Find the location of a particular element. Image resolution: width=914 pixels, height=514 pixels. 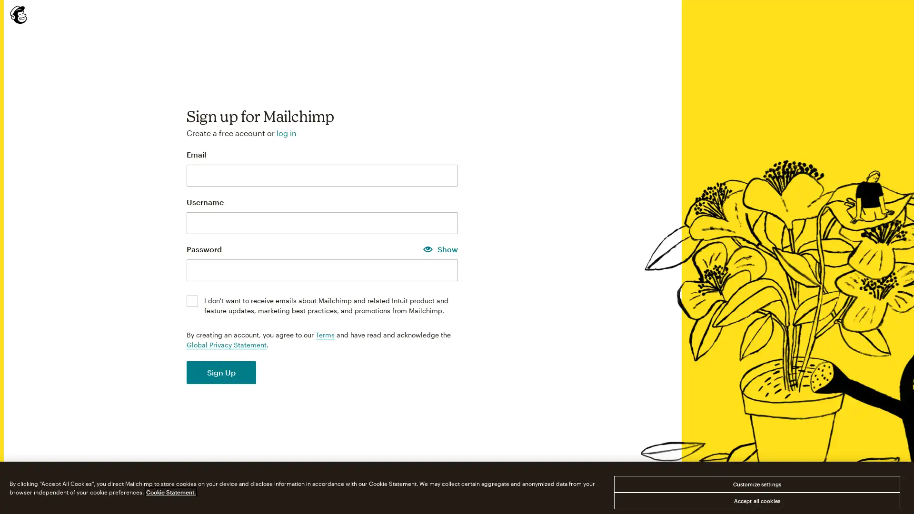

Sign Up is located at coordinates (221, 372).